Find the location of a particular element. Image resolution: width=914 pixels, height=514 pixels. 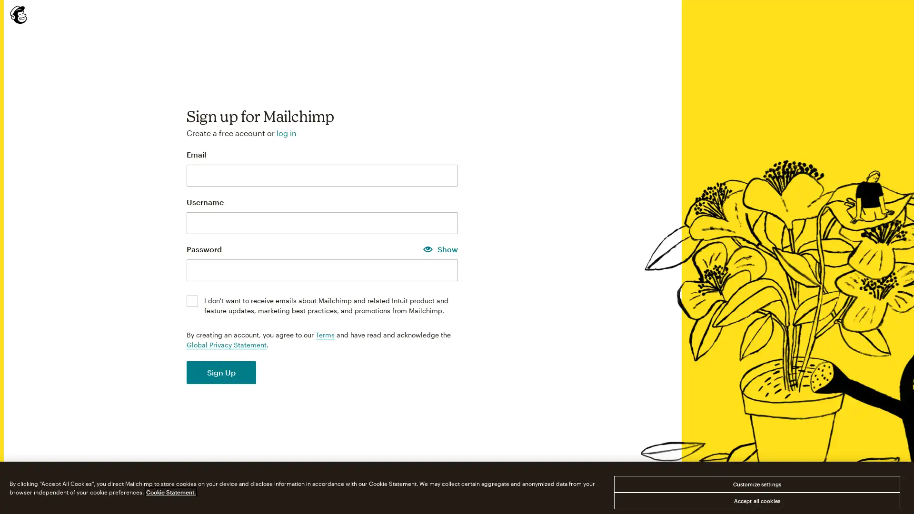

Sign Up is located at coordinates (221, 372).